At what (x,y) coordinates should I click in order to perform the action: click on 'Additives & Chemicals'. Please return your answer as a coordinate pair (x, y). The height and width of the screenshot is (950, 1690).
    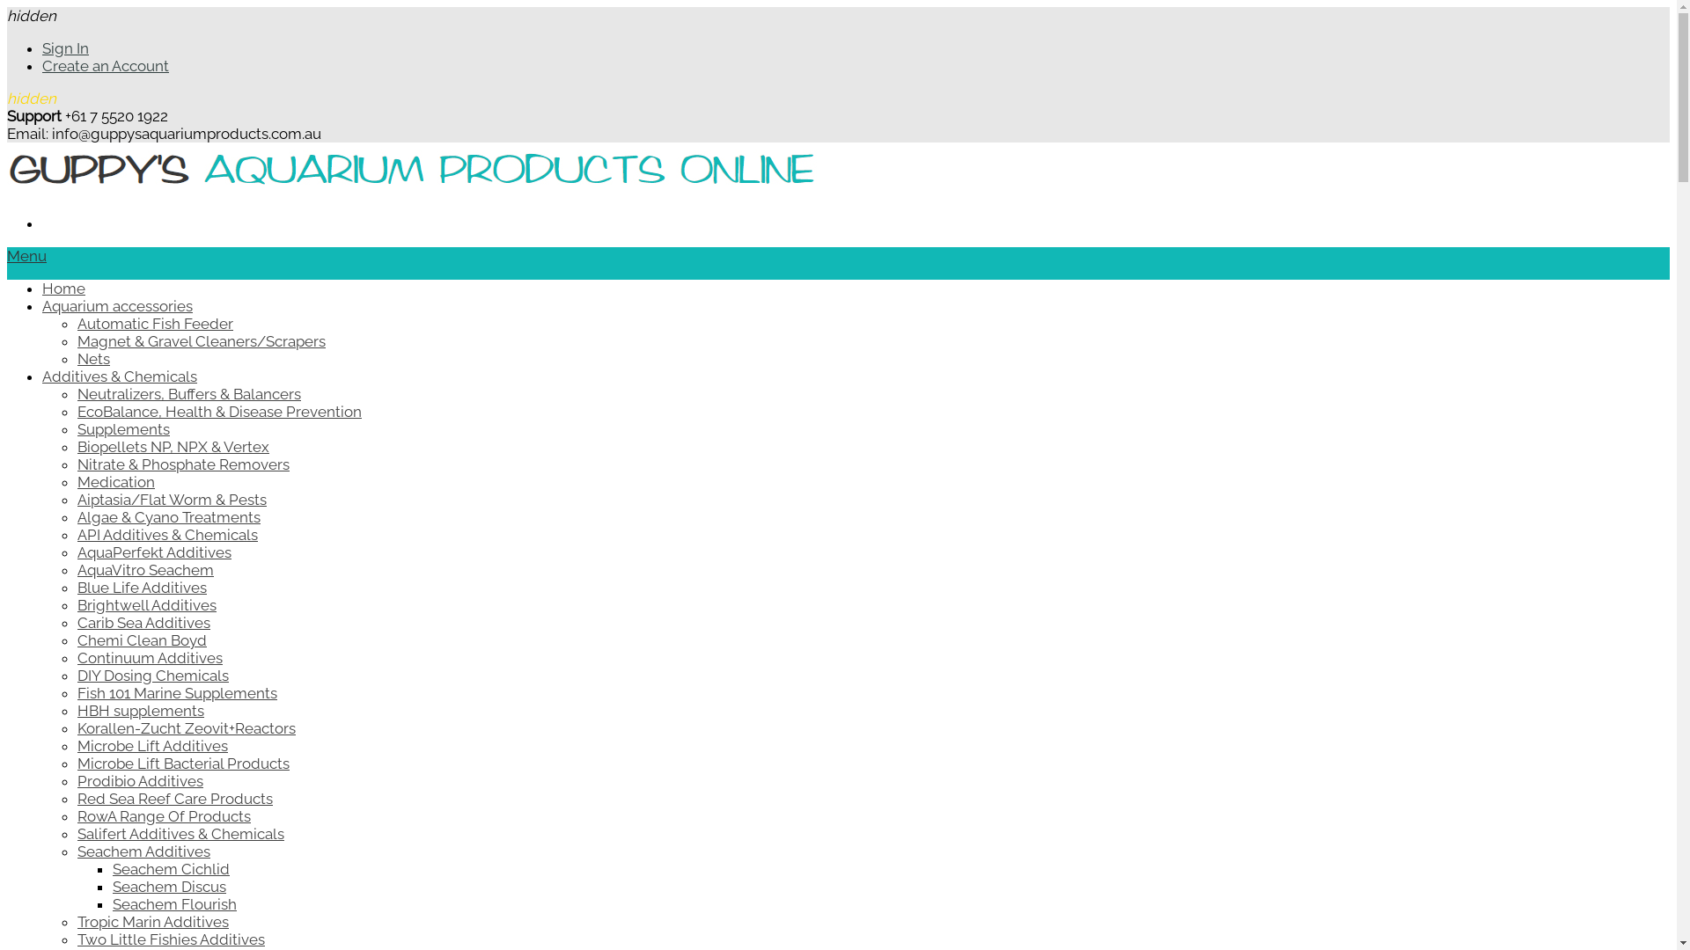
    Looking at the image, I should click on (42, 376).